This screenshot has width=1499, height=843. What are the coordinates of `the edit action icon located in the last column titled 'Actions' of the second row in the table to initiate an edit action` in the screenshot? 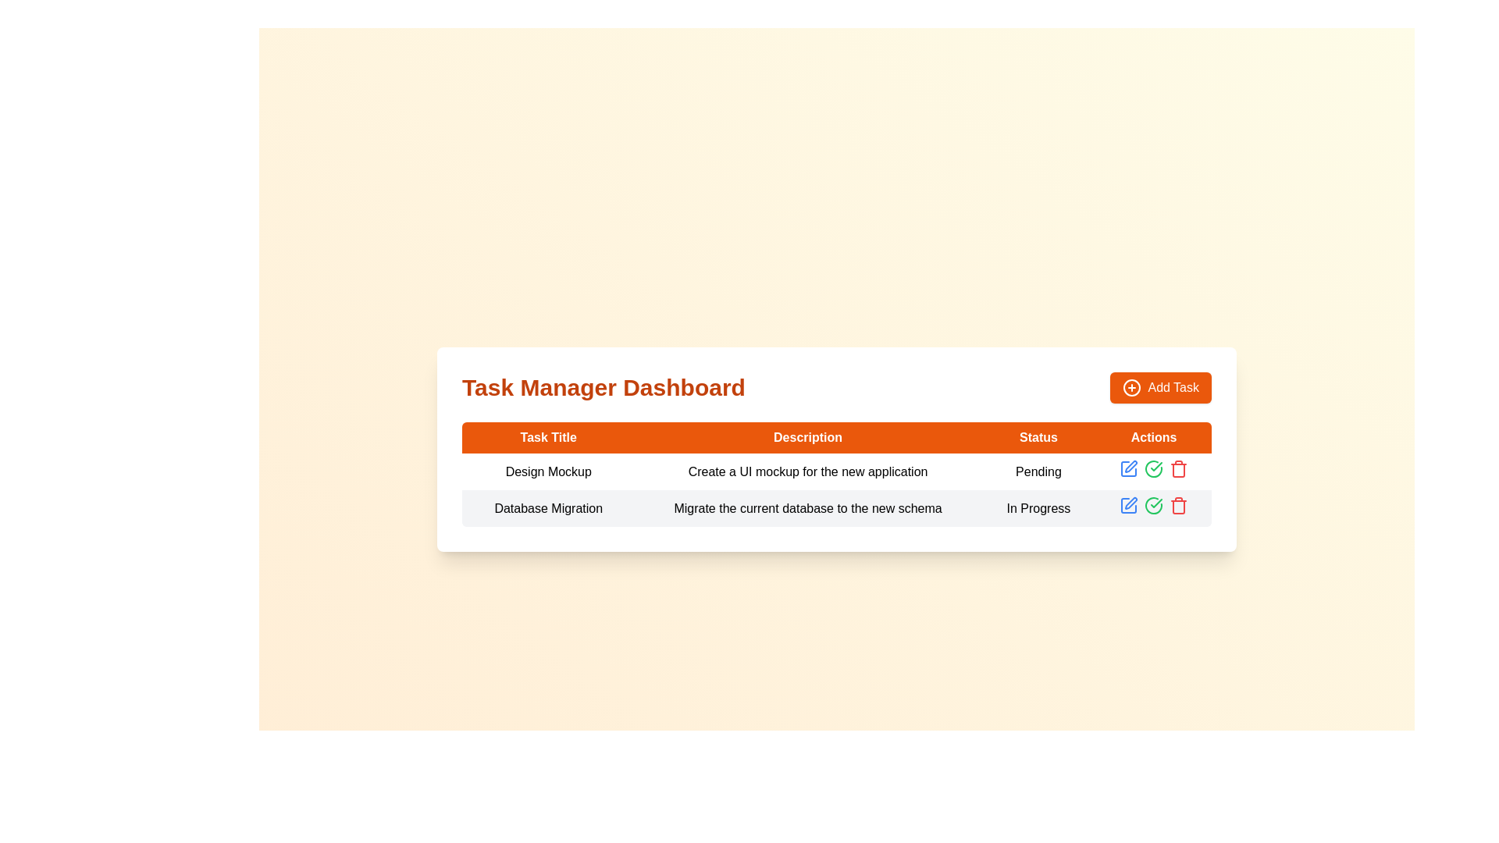 It's located at (1131, 503).